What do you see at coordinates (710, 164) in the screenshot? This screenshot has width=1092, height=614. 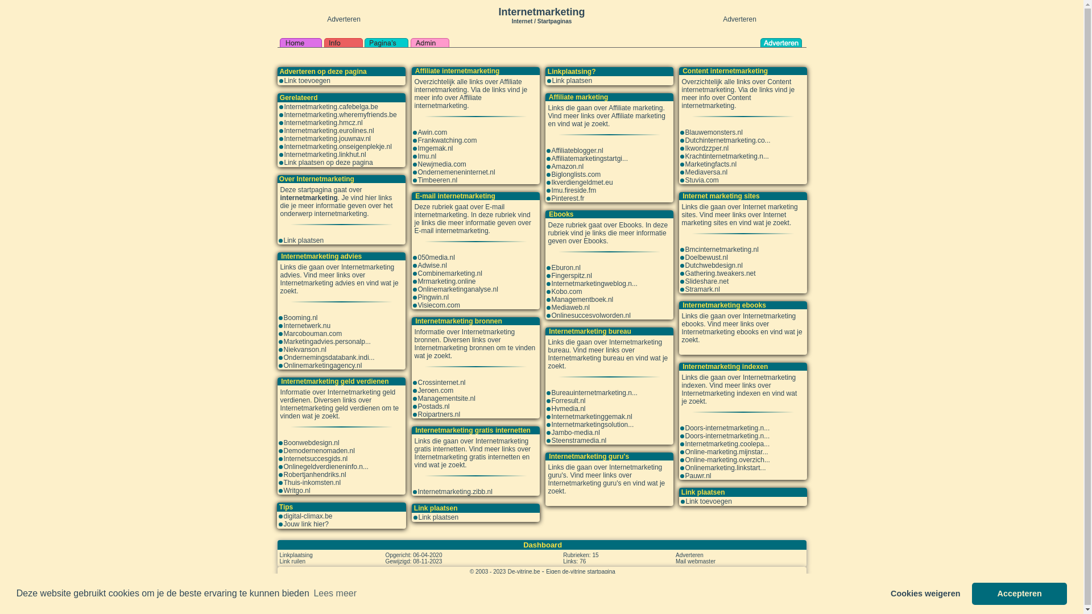 I see `'Marketingfacts.nl'` at bounding box center [710, 164].